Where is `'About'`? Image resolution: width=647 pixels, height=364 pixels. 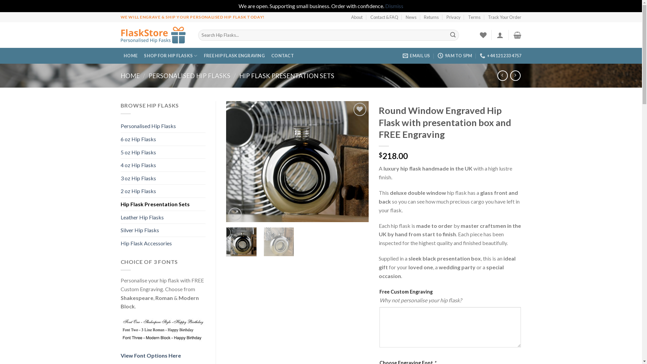 'About' is located at coordinates (357, 17).